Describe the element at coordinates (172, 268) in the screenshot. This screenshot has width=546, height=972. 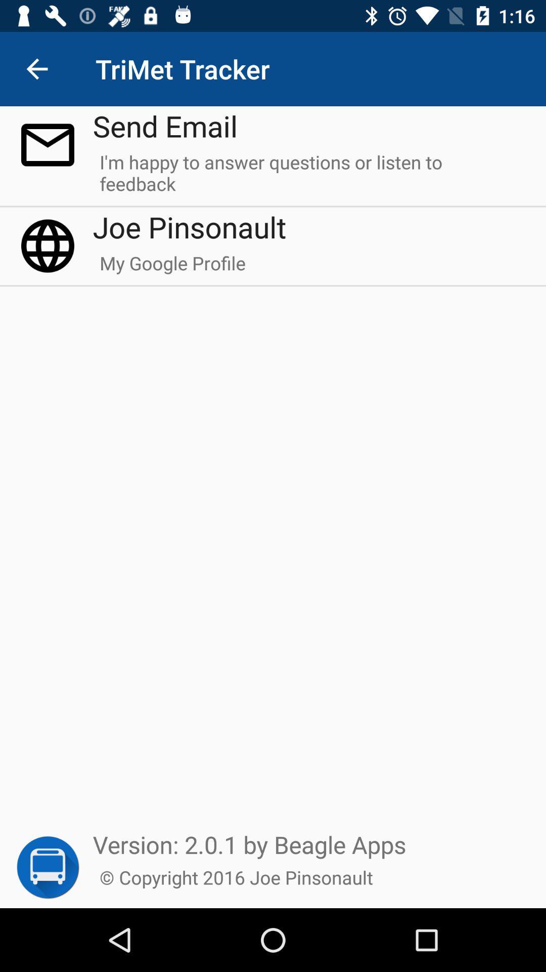
I see `the item above the version 2 0` at that location.